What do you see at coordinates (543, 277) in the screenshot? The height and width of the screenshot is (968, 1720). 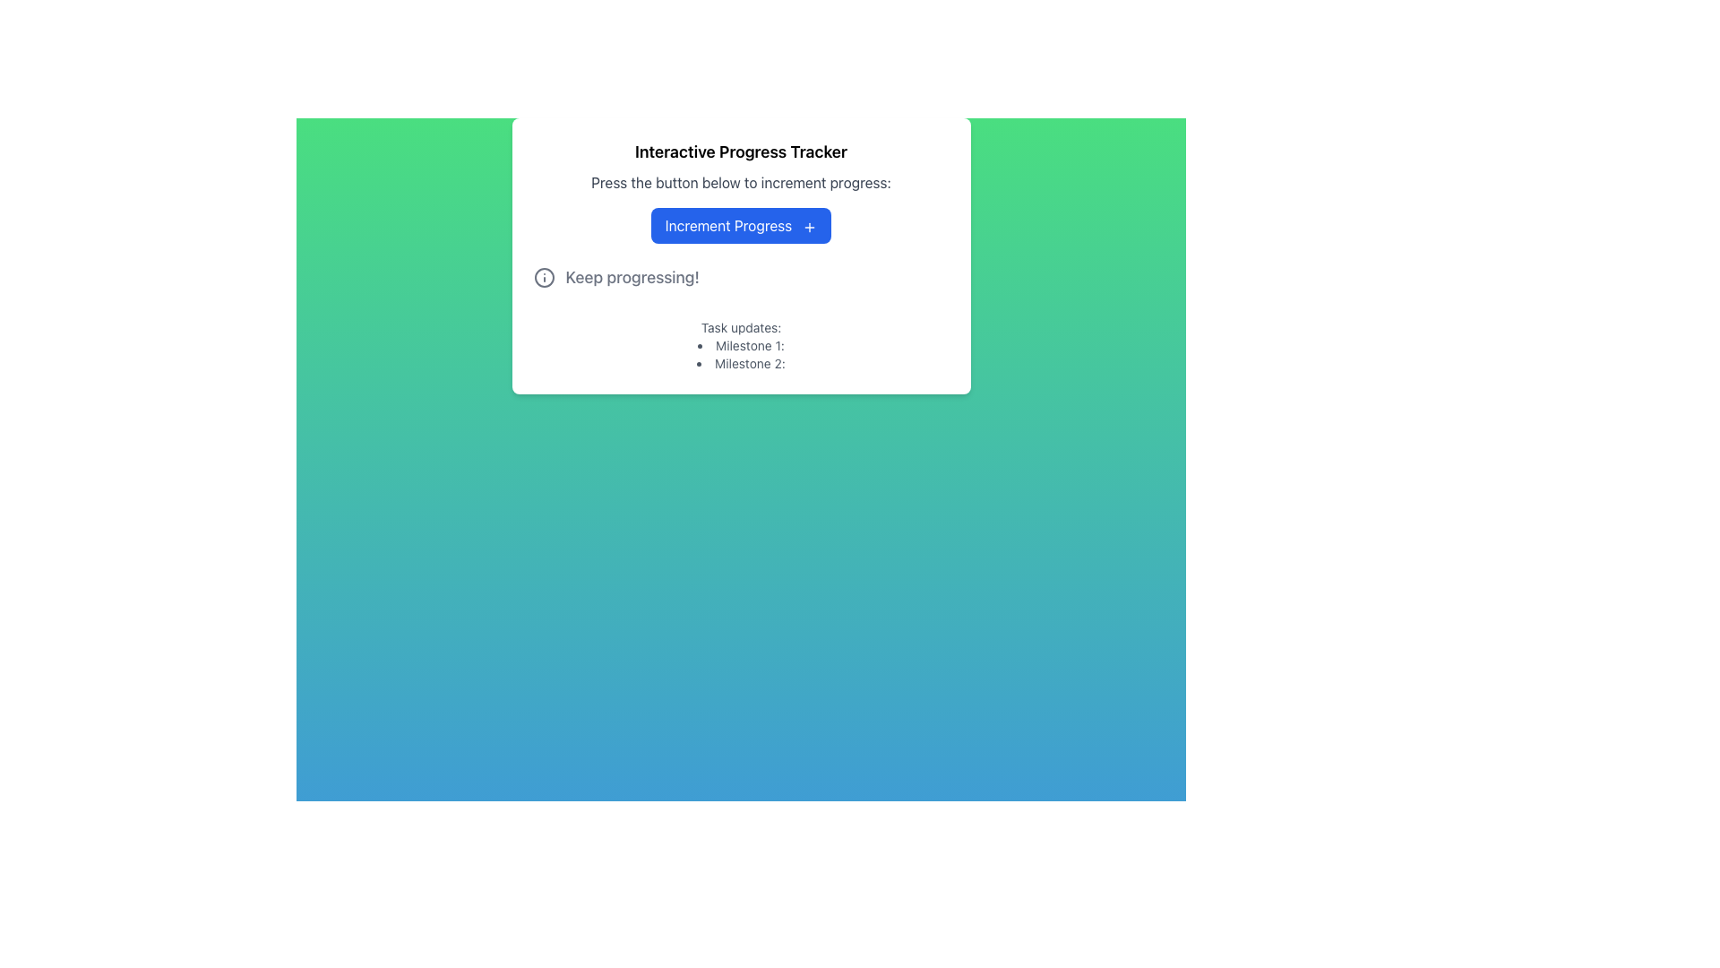 I see `the SVG Circle that is part of the informational icon located to the left of the text 'Keep progressing!'` at bounding box center [543, 277].